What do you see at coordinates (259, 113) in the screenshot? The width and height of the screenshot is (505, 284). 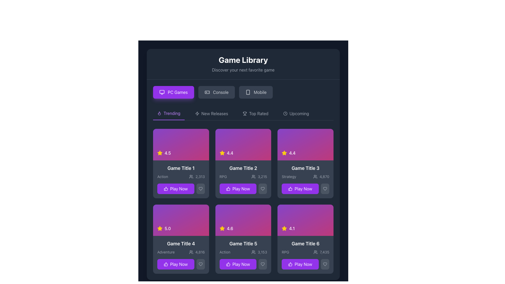 I see `the 'Top Rated' text label` at bounding box center [259, 113].